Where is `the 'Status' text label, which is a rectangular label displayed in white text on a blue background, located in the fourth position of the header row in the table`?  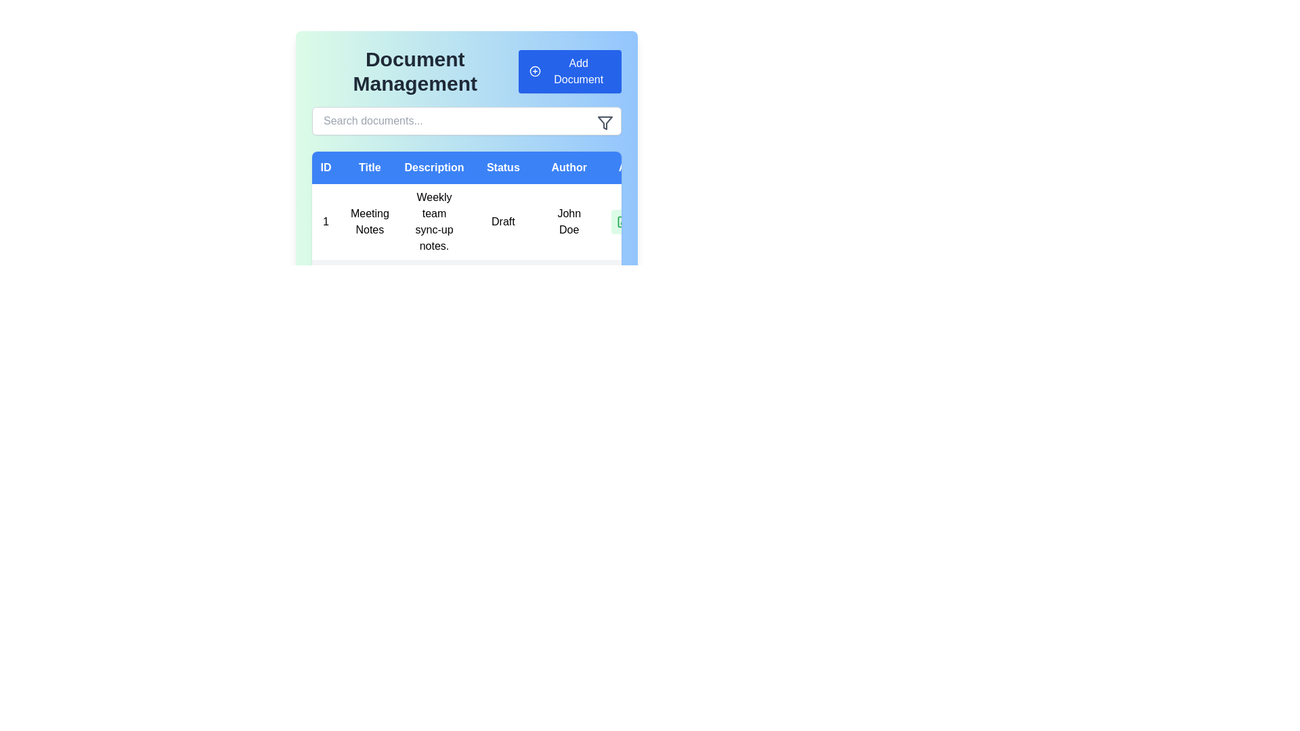 the 'Status' text label, which is a rectangular label displayed in white text on a blue background, located in the fourth position of the header row in the table is located at coordinates (502, 167).